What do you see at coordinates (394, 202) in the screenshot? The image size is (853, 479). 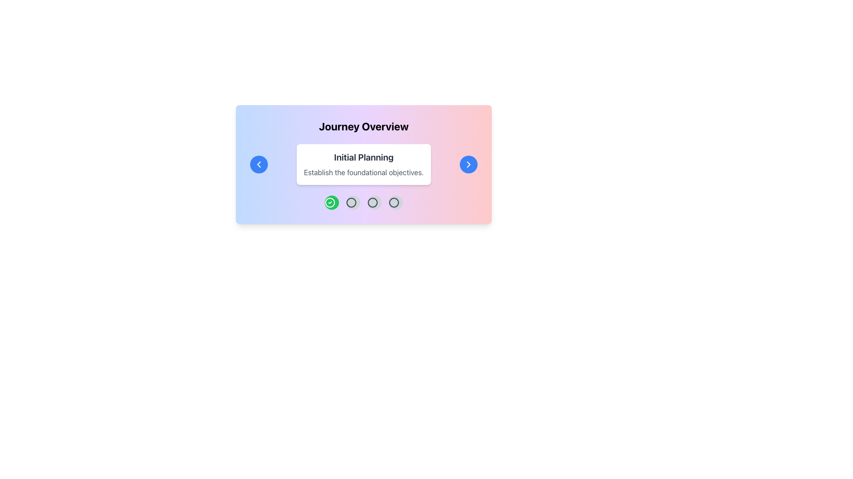 I see `the circle located at the central bottom portion of the card, which is the third element in a series of four circular items` at bounding box center [394, 202].